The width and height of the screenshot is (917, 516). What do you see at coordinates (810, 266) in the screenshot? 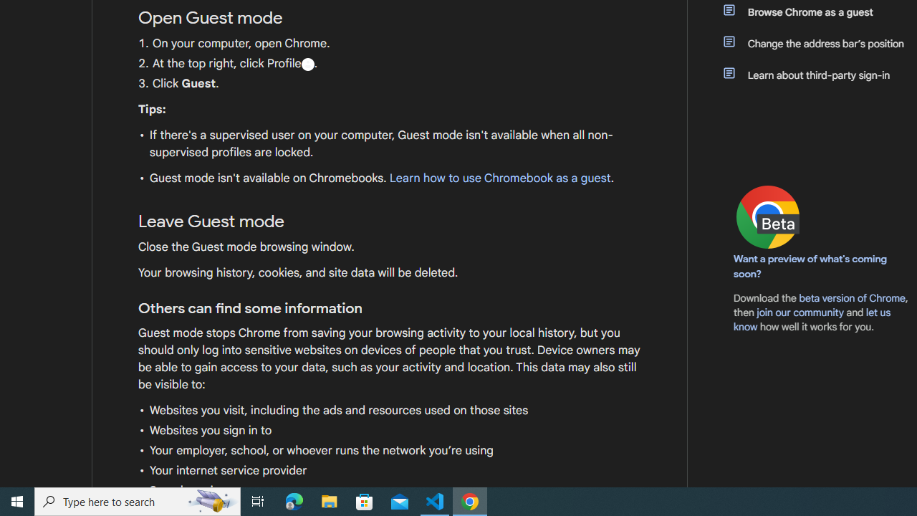
I see `'Want a preview of what'` at bounding box center [810, 266].